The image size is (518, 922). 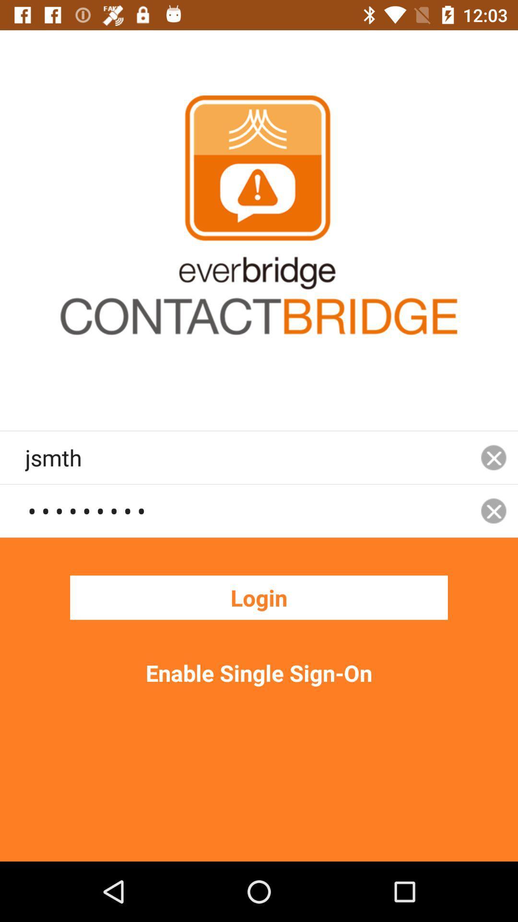 What do you see at coordinates (259, 597) in the screenshot?
I see `the icon above the enable single sign icon` at bounding box center [259, 597].